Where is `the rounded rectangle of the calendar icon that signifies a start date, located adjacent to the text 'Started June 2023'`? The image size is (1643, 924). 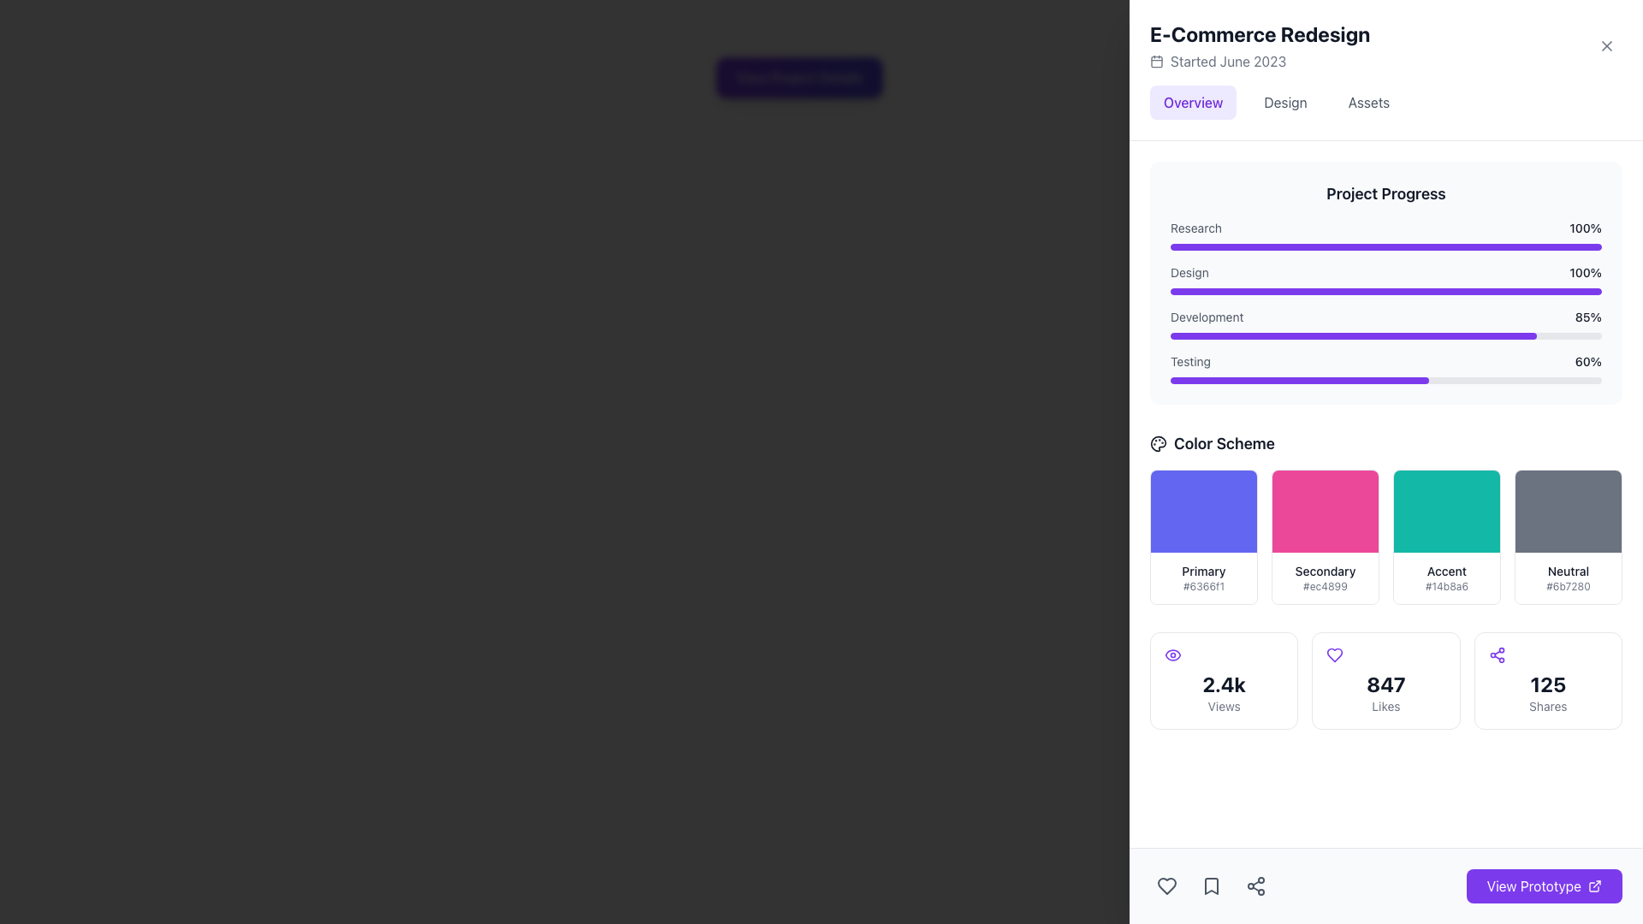
the rounded rectangle of the calendar icon that signifies a start date, located adjacent to the text 'Started June 2023' is located at coordinates (1157, 61).